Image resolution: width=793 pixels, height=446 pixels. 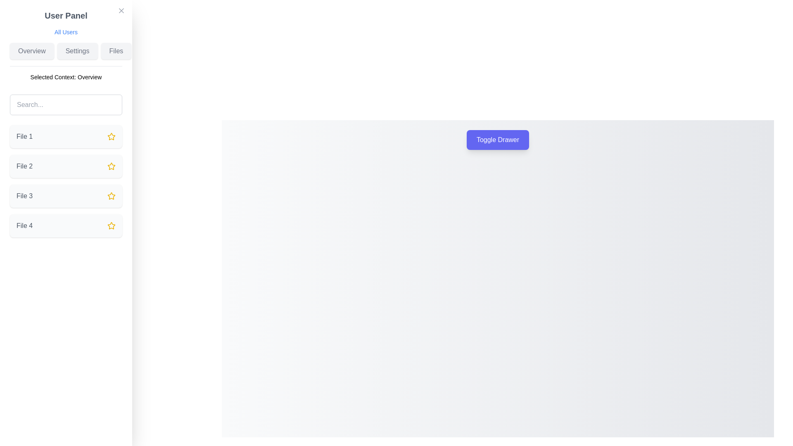 What do you see at coordinates (111, 226) in the screenshot?
I see `the fourth star icon associated with the 'File 4' label, which serves as a marker for favorites or importance` at bounding box center [111, 226].